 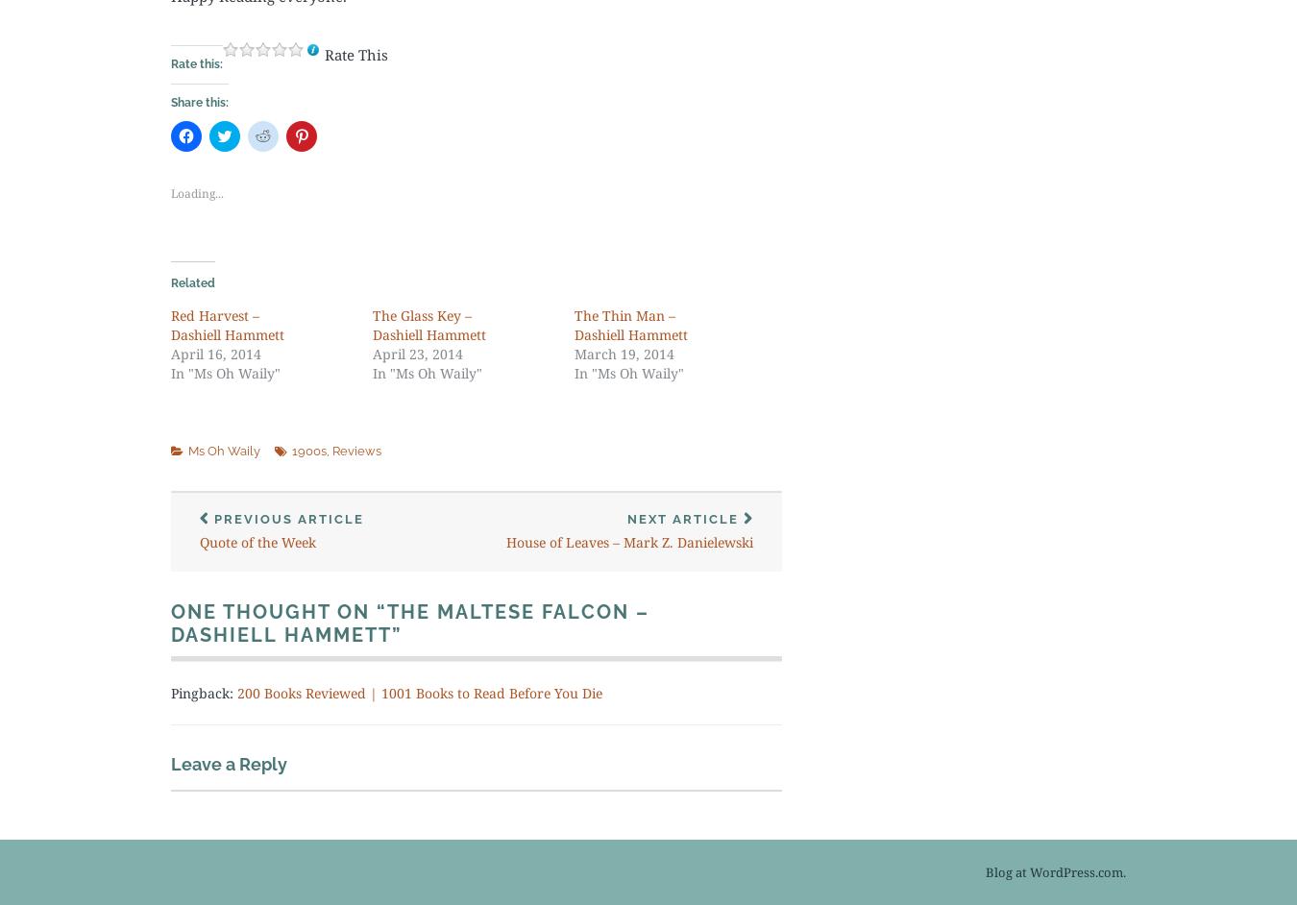 What do you see at coordinates (171, 62) in the screenshot?
I see `'Rate this:'` at bounding box center [171, 62].